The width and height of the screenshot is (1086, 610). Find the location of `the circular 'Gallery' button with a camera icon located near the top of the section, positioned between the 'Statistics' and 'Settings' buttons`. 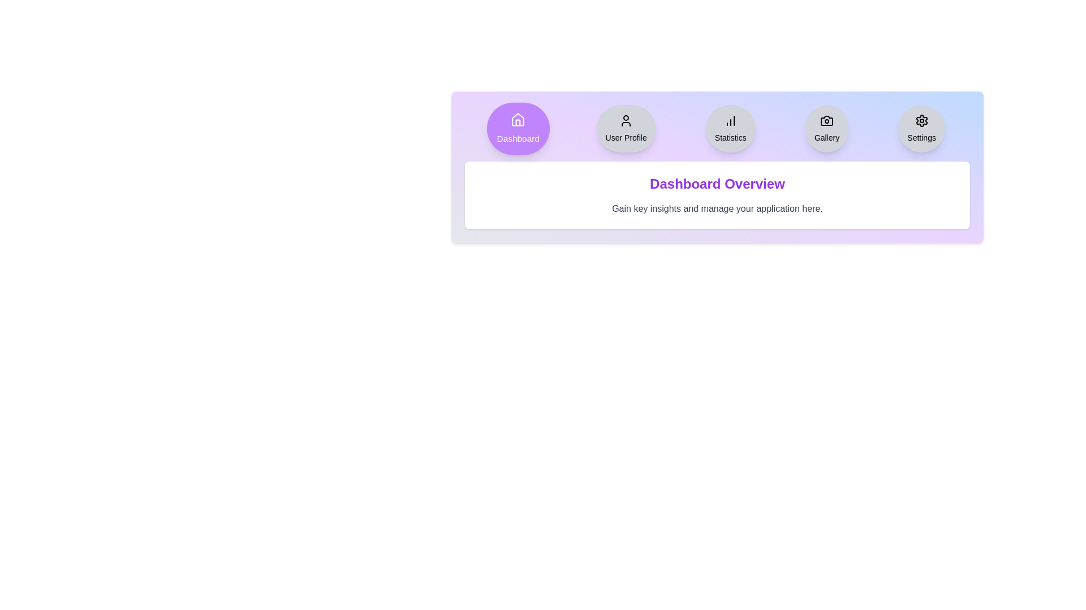

the circular 'Gallery' button with a camera icon located near the top of the section, positioned between the 'Statistics' and 'Settings' buttons is located at coordinates (827, 128).